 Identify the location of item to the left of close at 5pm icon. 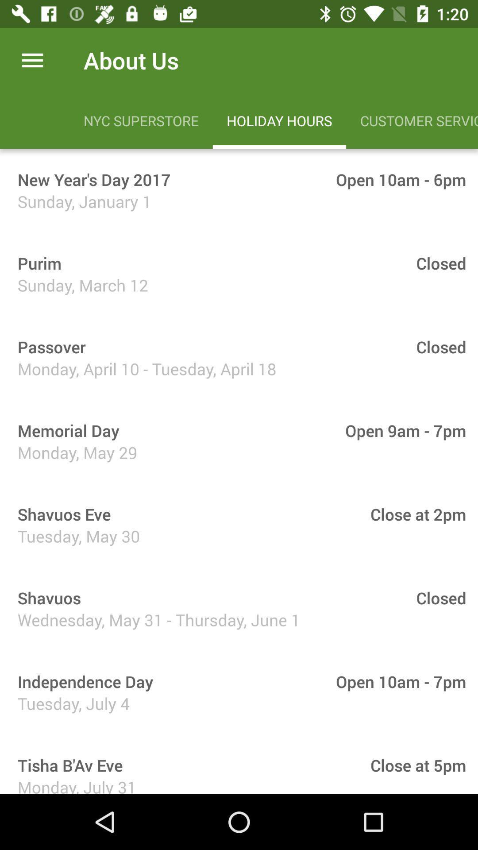
(66, 765).